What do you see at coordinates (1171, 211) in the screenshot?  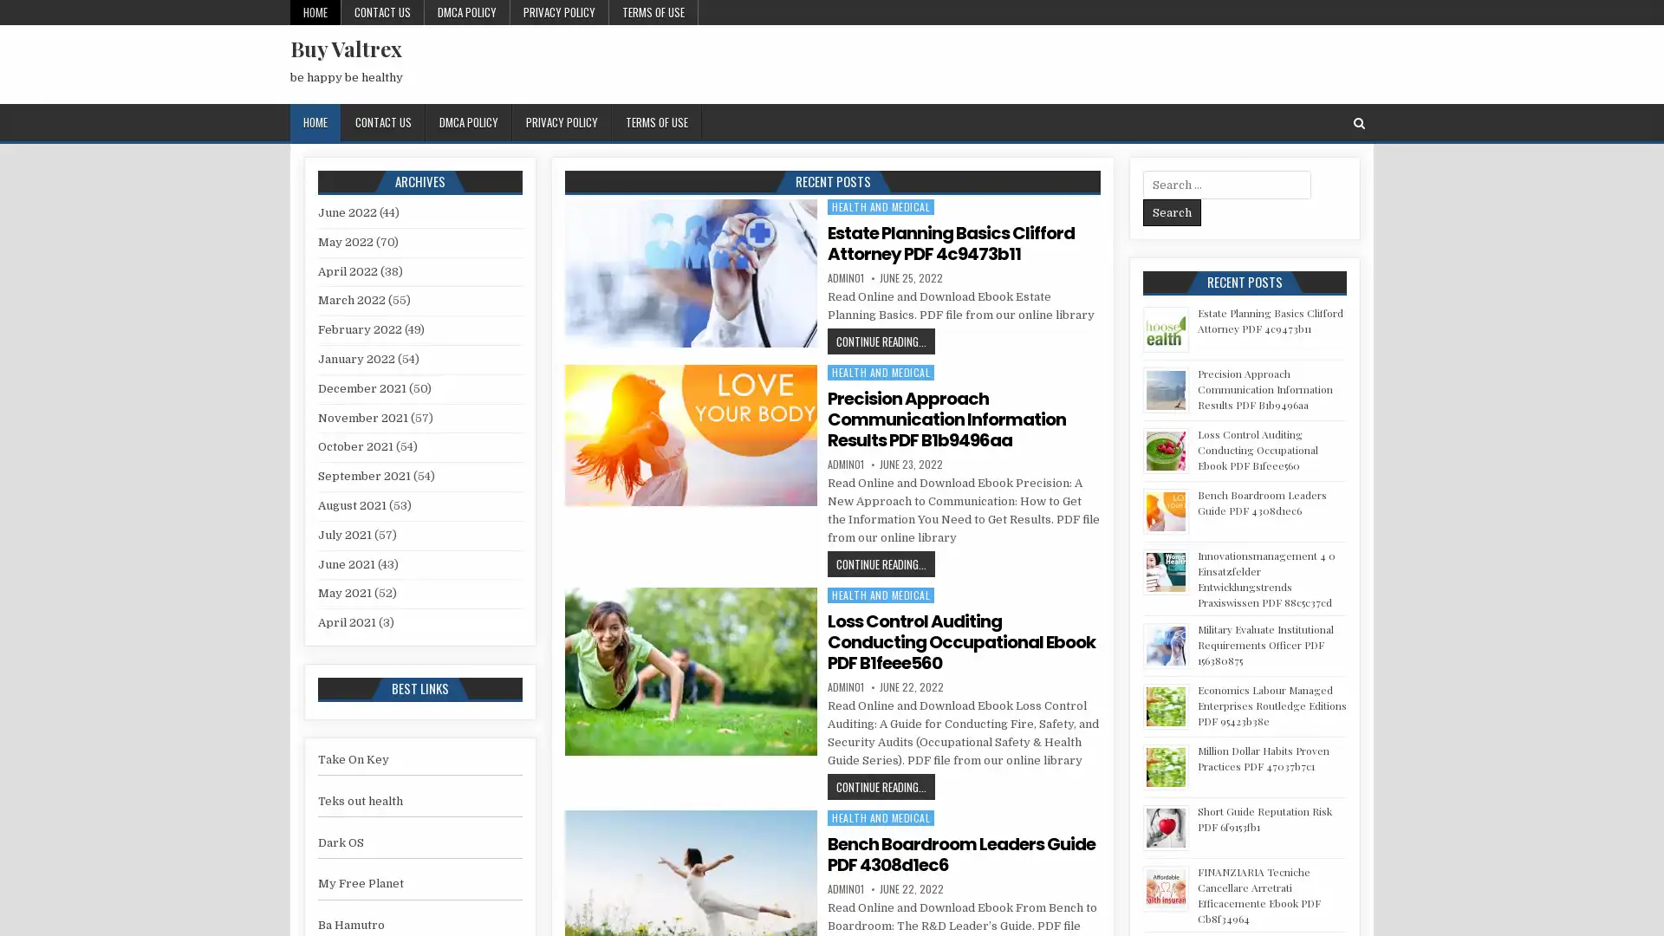 I see `Search` at bounding box center [1171, 211].